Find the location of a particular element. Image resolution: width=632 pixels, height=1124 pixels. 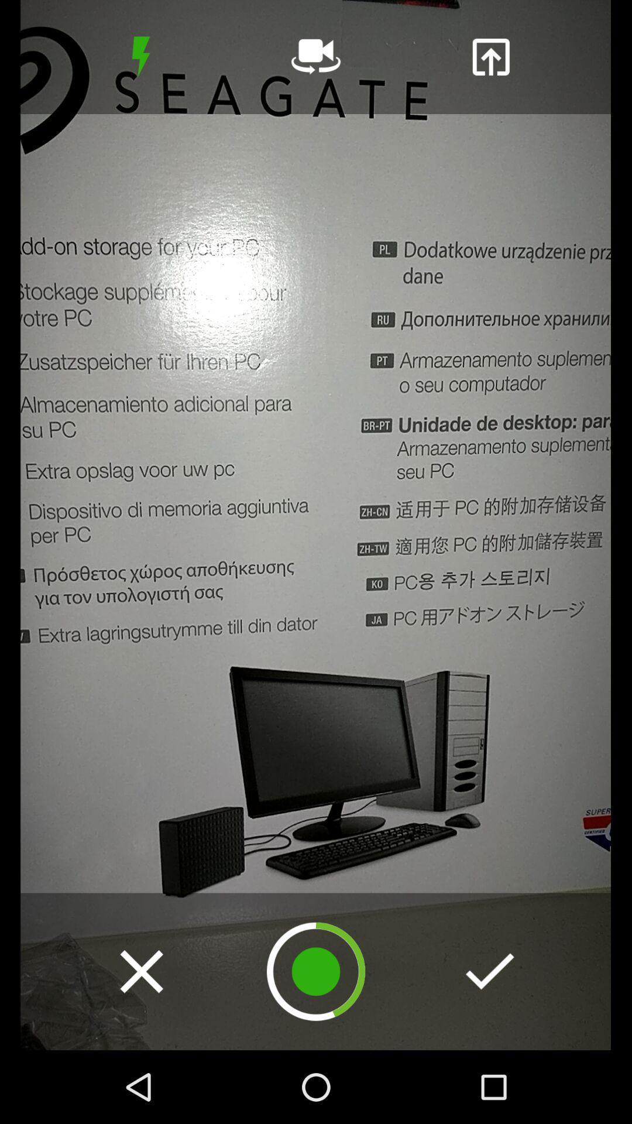

delete previous segment is located at coordinates (141, 971).